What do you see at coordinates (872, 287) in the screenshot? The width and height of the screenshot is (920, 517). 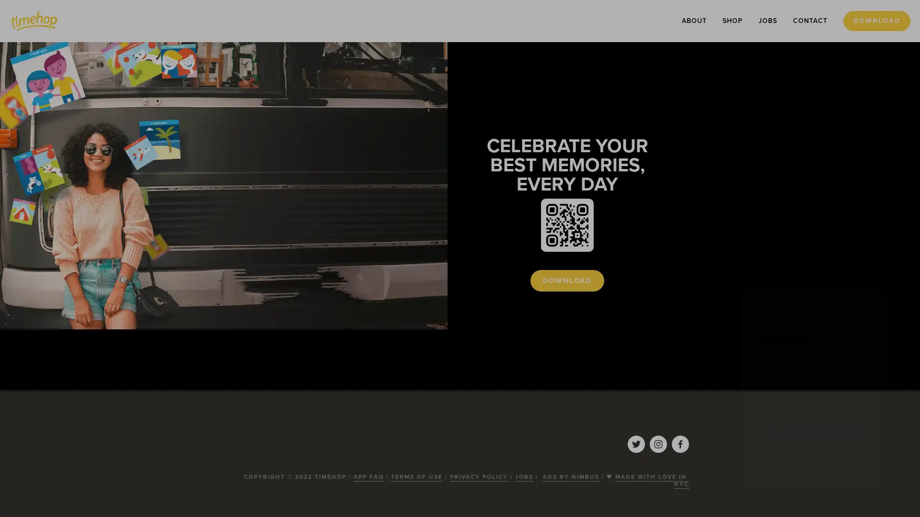 I see `Close` at bounding box center [872, 287].